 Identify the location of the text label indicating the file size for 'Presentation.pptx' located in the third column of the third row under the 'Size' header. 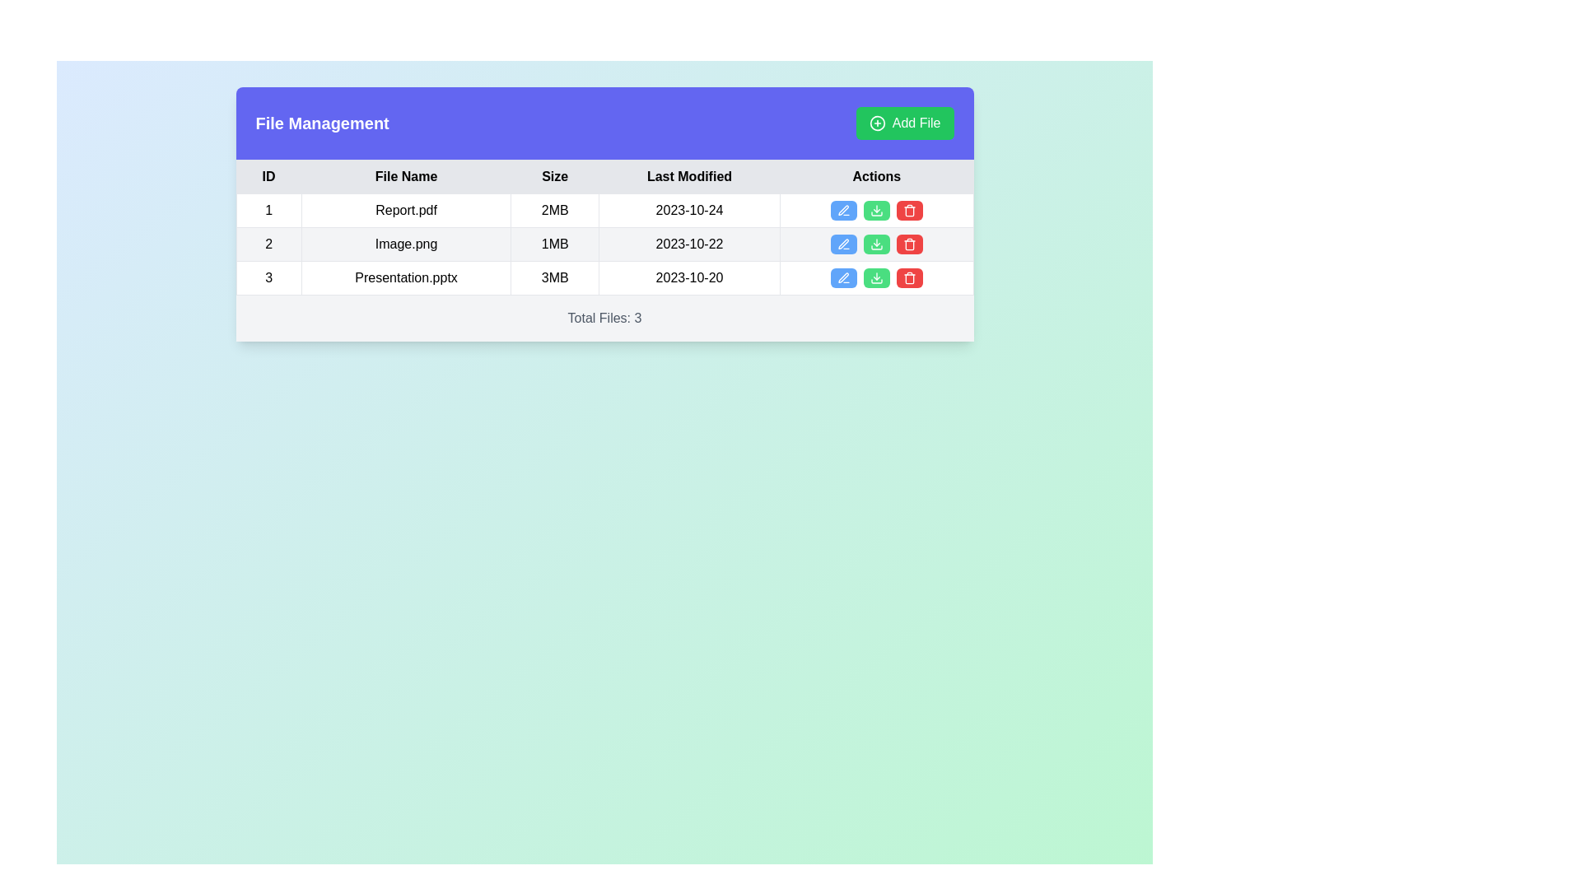
(555, 277).